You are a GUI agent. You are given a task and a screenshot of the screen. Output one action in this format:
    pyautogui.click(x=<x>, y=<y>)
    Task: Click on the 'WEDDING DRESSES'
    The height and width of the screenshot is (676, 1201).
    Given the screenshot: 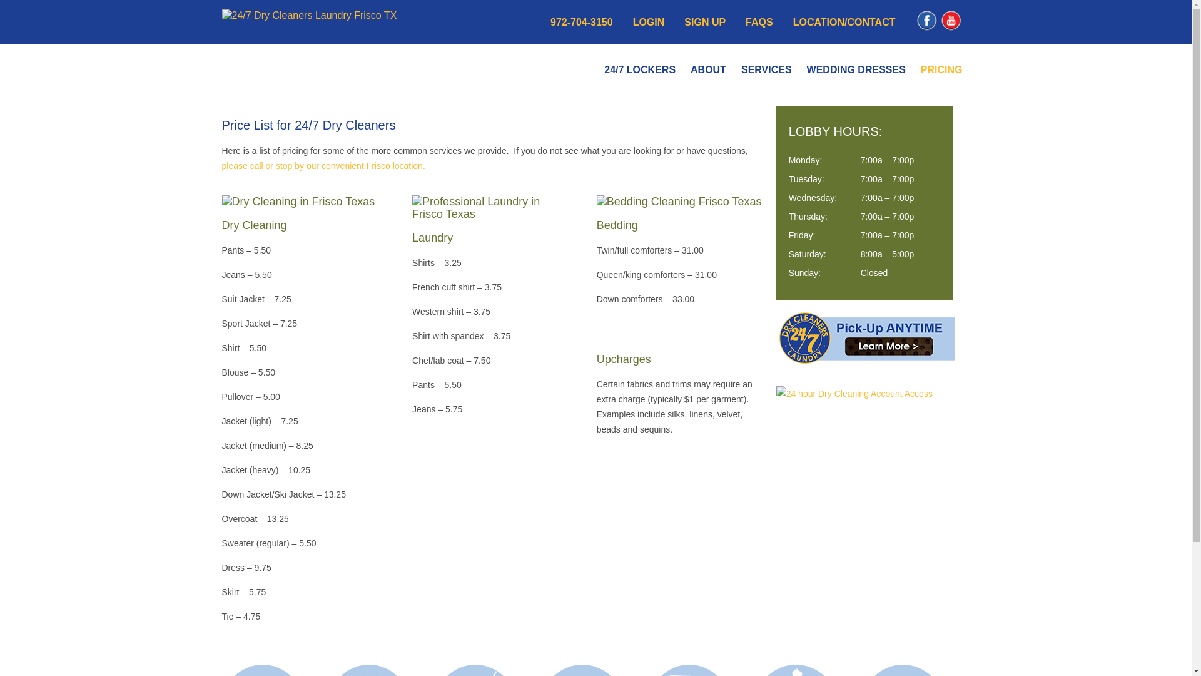 What is the action you would take?
    pyautogui.click(x=855, y=69)
    